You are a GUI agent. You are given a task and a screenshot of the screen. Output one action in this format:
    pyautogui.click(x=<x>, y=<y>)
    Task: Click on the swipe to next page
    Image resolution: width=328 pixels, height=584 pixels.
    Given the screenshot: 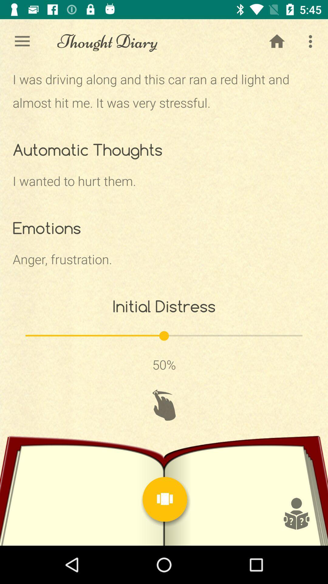 What is the action you would take?
    pyautogui.click(x=164, y=405)
    